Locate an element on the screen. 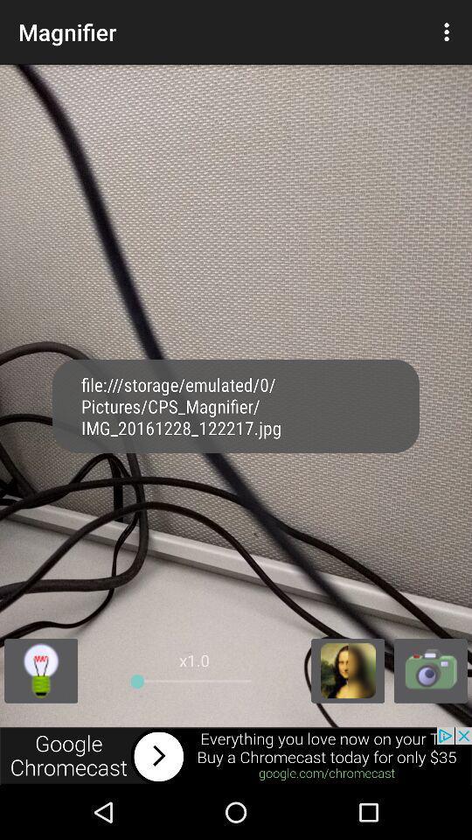 This screenshot has width=472, height=840. magnifier is located at coordinates (348, 669).